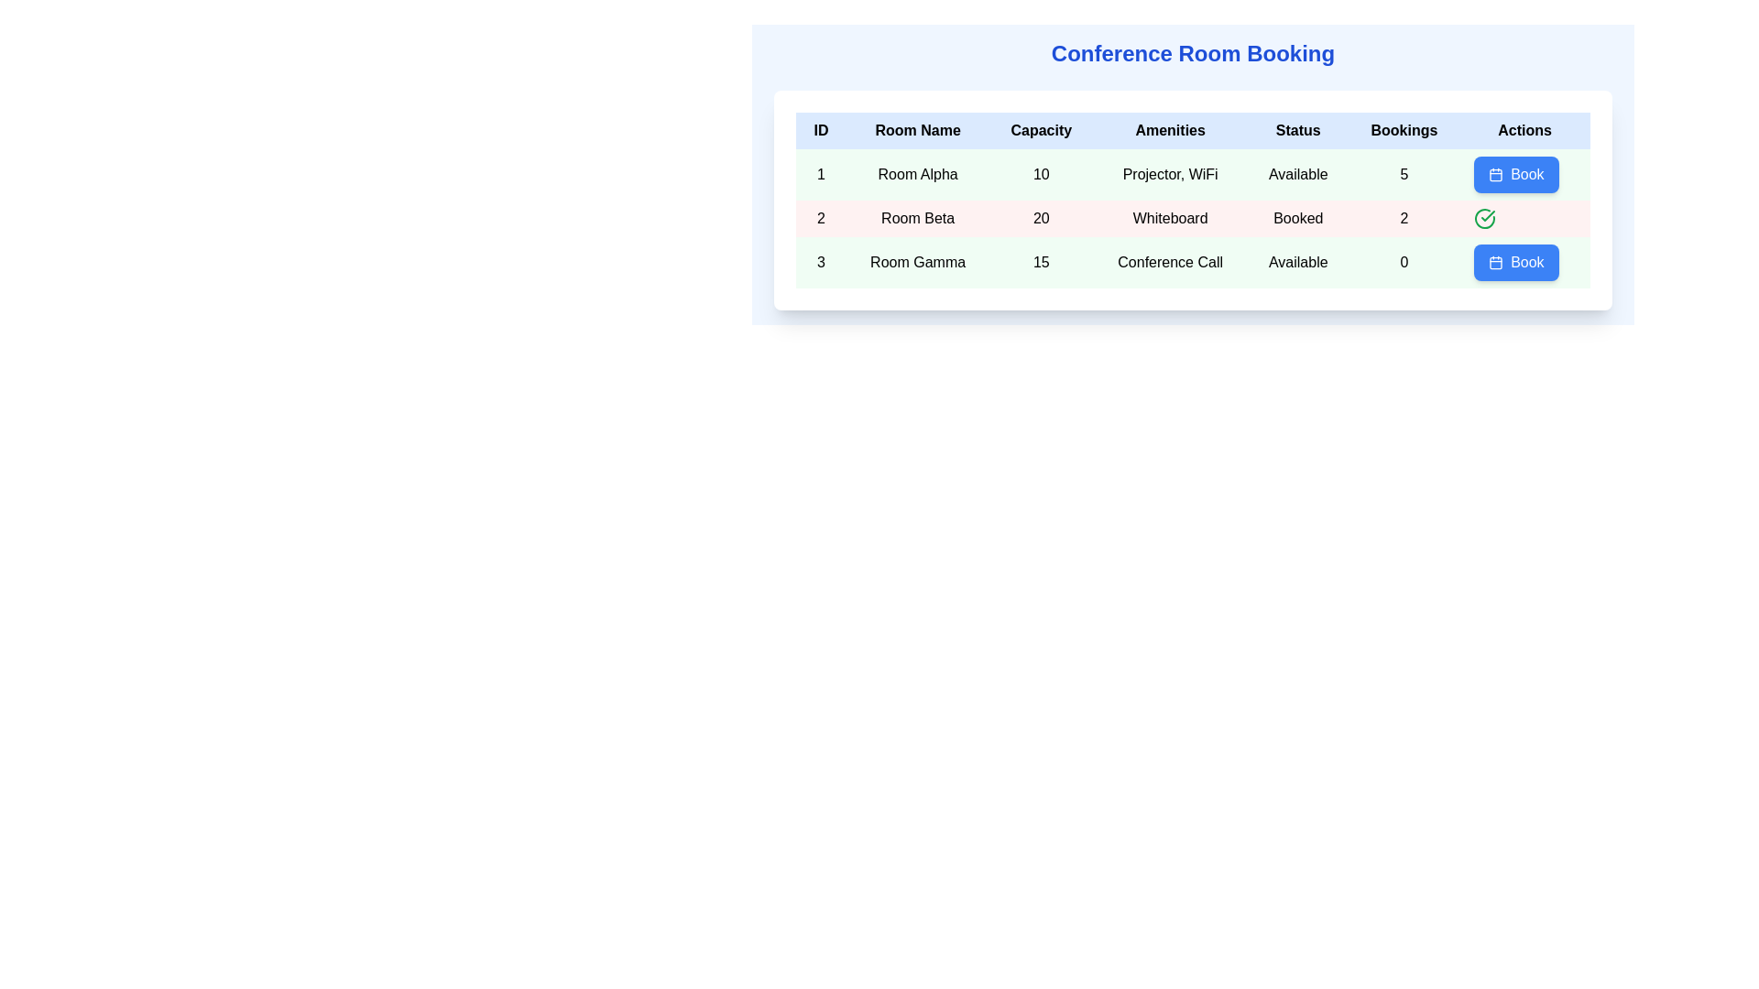 The width and height of the screenshot is (1759, 989). Describe the element at coordinates (1403, 129) in the screenshot. I see `text label serving as the column header for 'Bookings' in the table, located in the top-center region of the interface, specifically the sixth item from the left, between 'Status' and 'Actions'` at that location.